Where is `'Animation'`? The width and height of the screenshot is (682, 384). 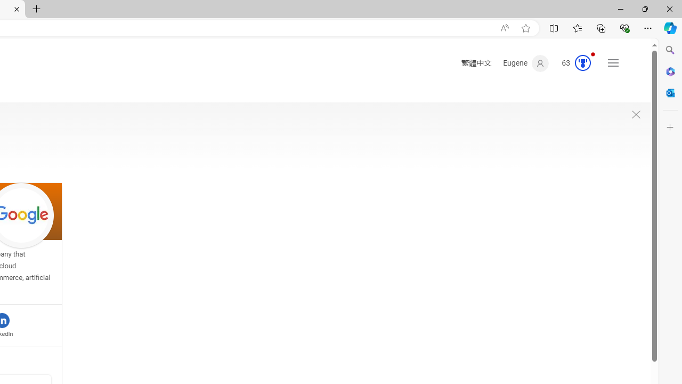
'Animation' is located at coordinates (592, 54).